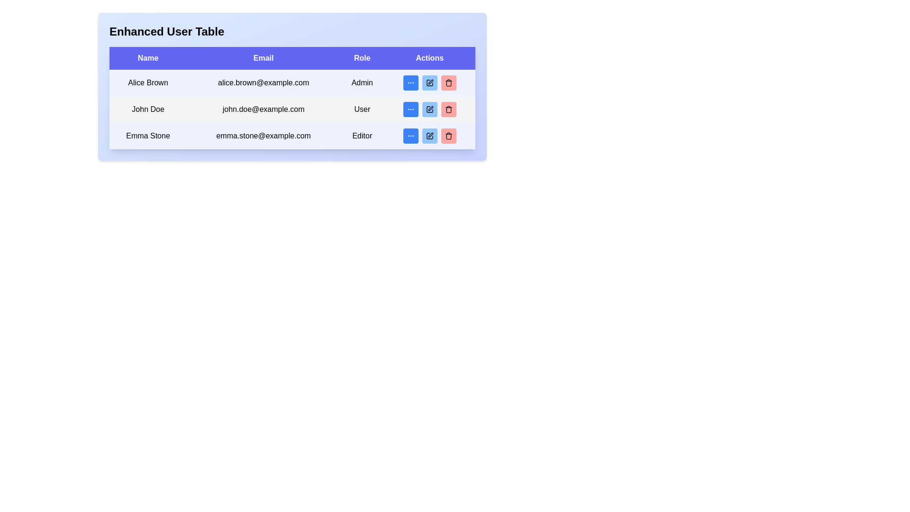 The width and height of the screenshot is (910, 512). Describe the element at coordinates (429, 136) in the screenshot. I see `the blue, slightly rounded button containing a pen icon, which is the second action button in the row for 'Emma Stone'` at that location.